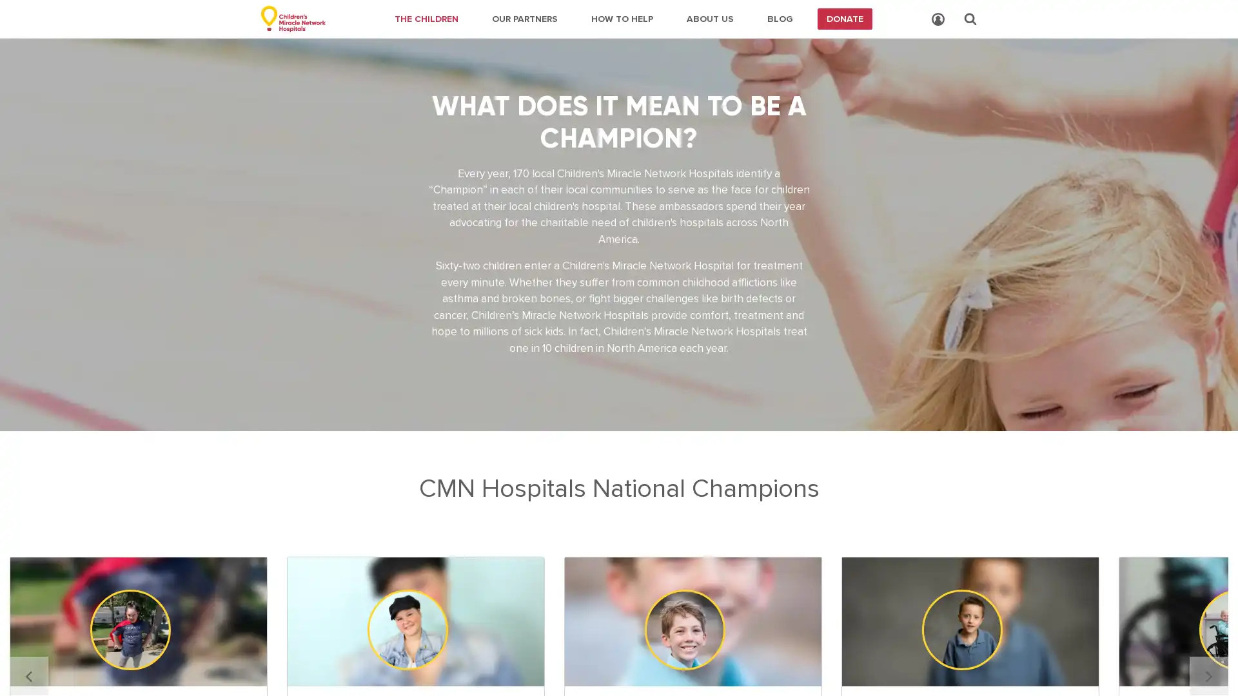 This screenshot has width=1238, height=696. What do you see at coordinates (938, 19) in the screenshot?
I see `Account Login` at bounding box center [938, 19].